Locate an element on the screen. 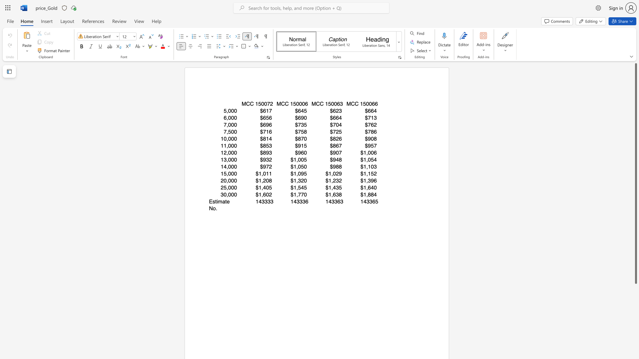  the scrollbar to scroll downward is located at coordinates (635, 329).